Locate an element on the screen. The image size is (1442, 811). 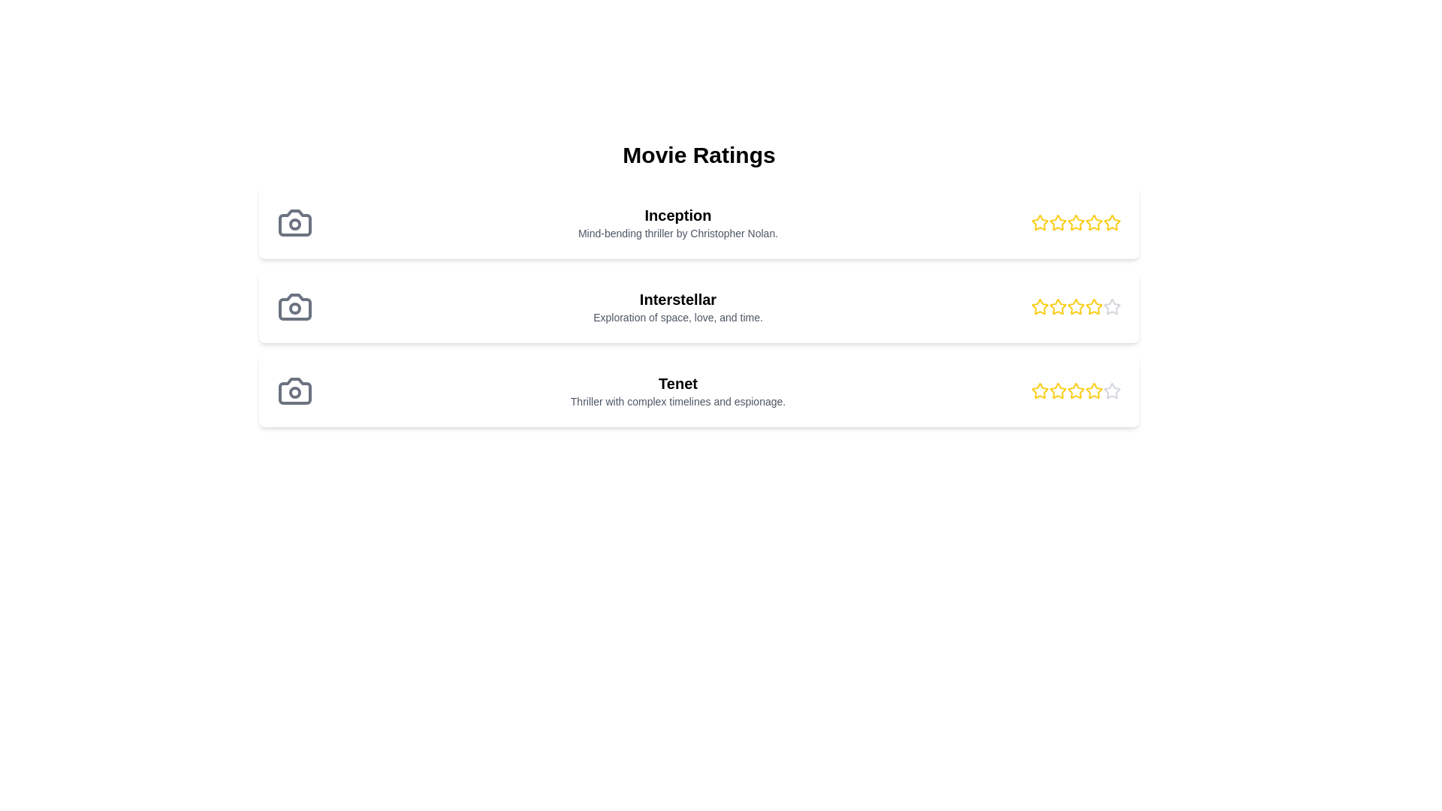
the third yellow star in the rating component for the movie 'Inception', which indicates a rating level is located at coordinates (1075, 223).